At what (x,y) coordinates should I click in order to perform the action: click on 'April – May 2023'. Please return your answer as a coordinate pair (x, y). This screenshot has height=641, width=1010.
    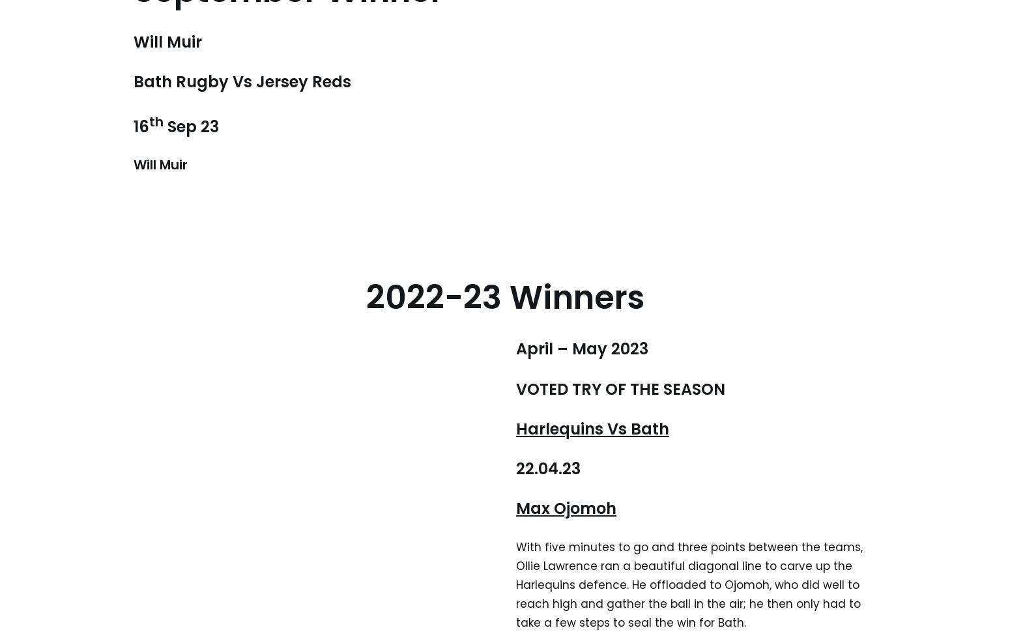
    Looking at the image, I should click on (582, 348).